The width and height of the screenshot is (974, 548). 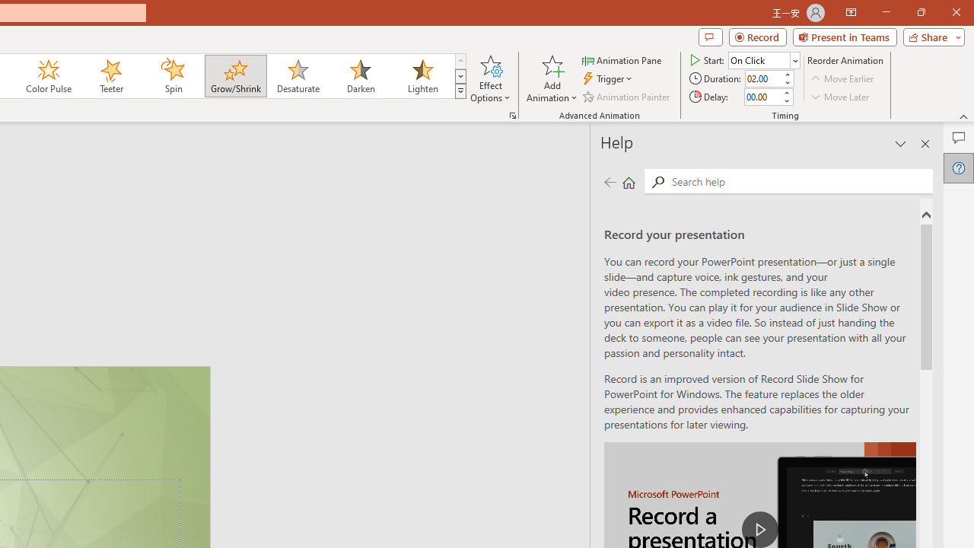 I want to click on 'Add Animation', so click(x=551, y=78).